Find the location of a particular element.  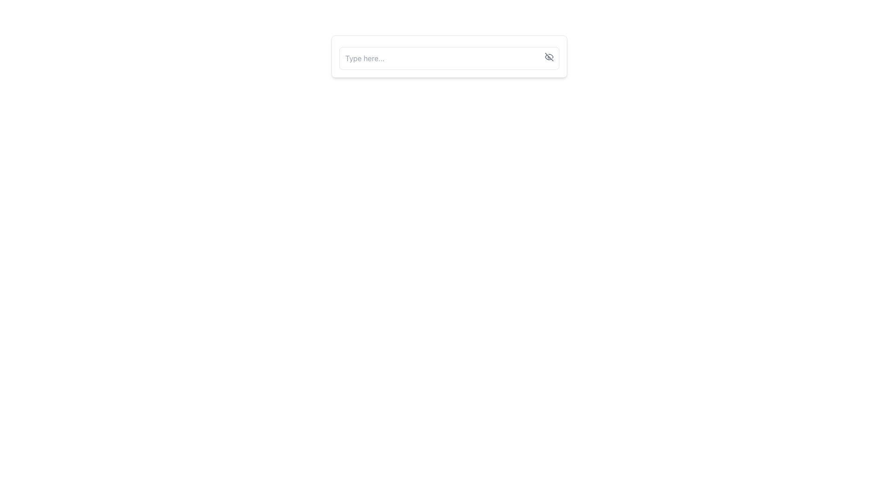

the button located at the top-right corner of the text input field is located at coordinates (549, 57).